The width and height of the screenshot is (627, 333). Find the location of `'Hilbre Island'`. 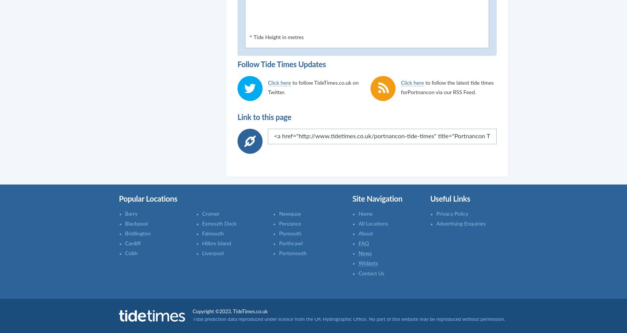

'Hilbre Island' is located at coordinates (216, 243).